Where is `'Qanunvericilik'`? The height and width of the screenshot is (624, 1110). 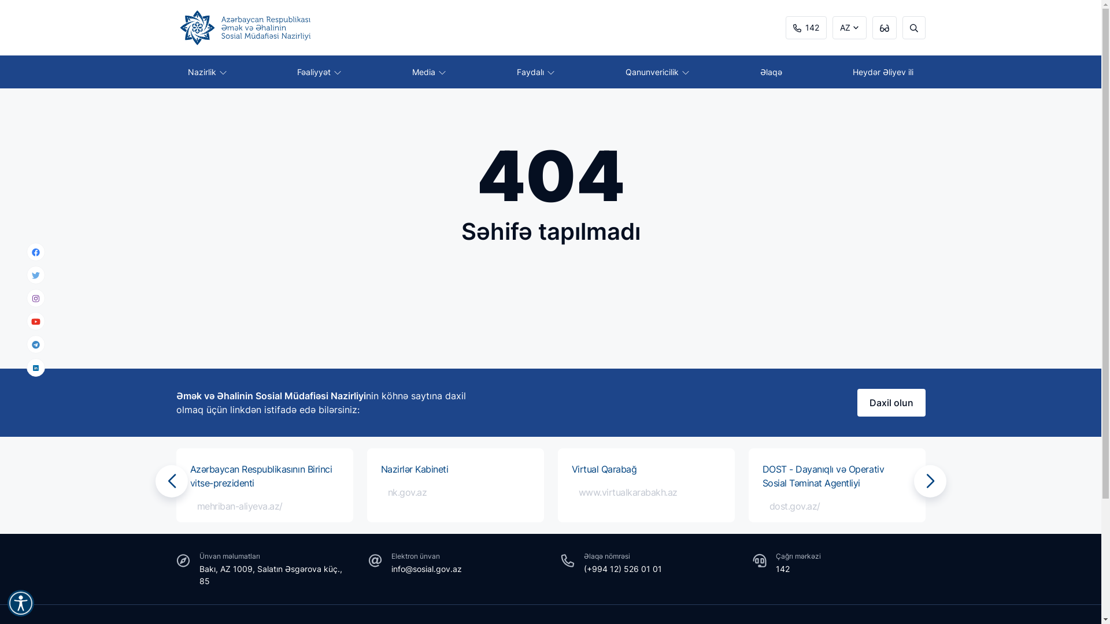 'Qanunvericilik' is located at coordinates (657, 72).